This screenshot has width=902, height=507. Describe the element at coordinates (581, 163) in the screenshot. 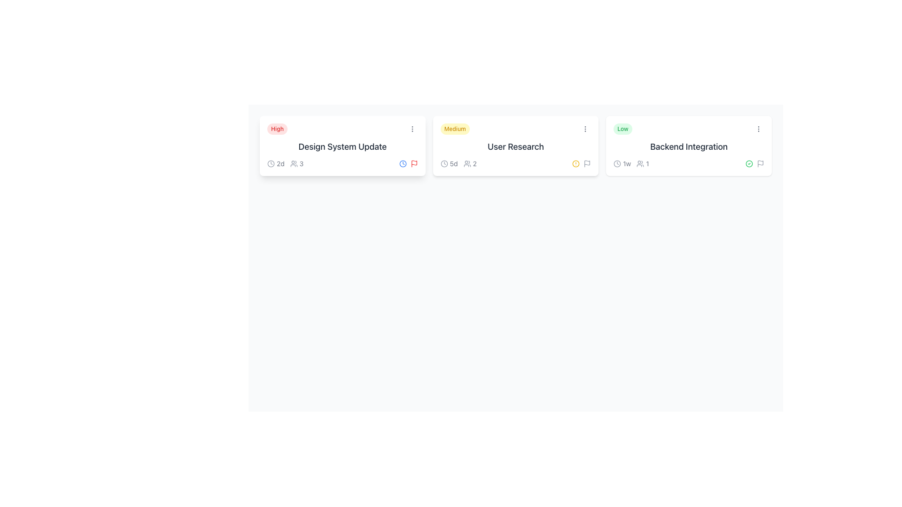

I see `the left alert icon of the Status indicator located in the bottom-right corner of the 'User Research' content block` at that location.